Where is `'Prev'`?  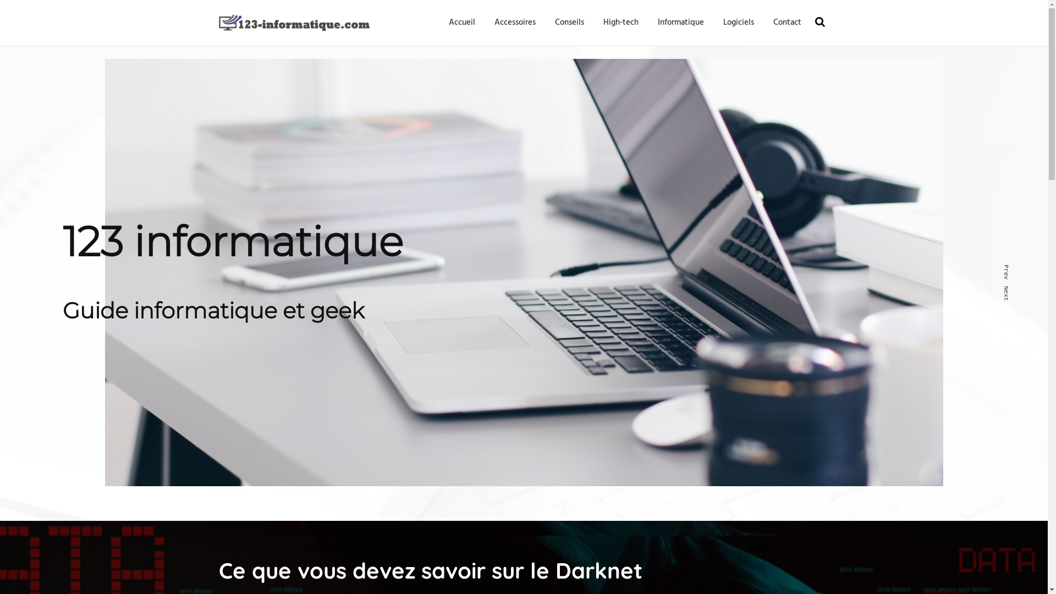 'Prev' is located at coordinates (1010, 268).